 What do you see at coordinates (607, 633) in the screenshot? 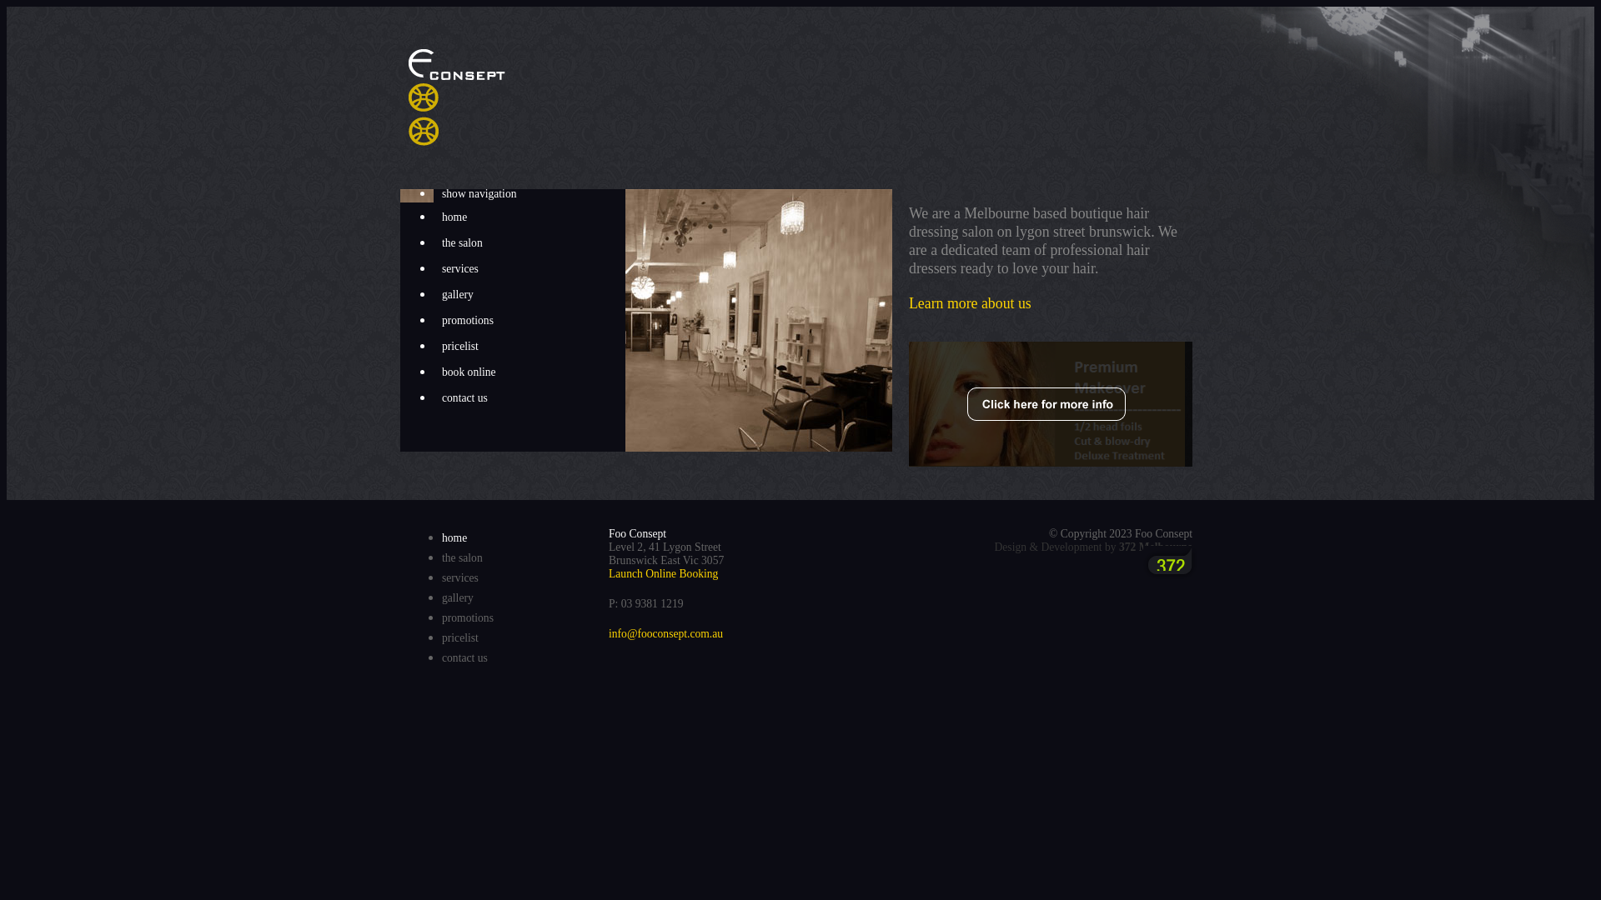
I see `'info@fooconsept.com.au'` at bounding box center [607, 633].